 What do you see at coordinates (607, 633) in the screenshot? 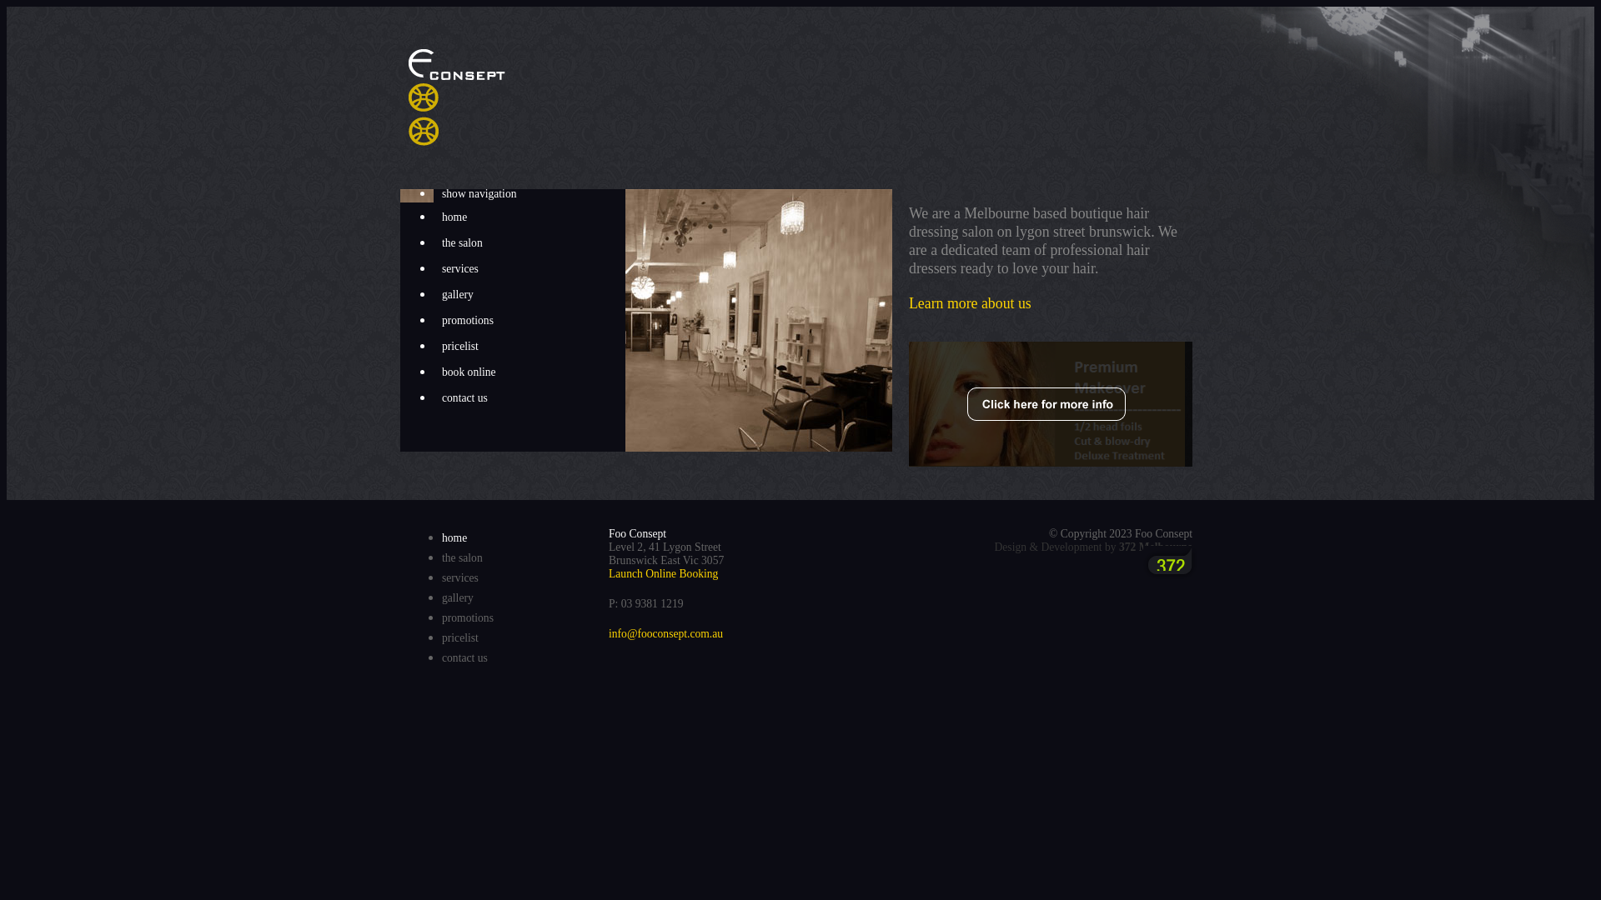
I see `'info@fooconsept.com.au'` at bounding box center [607, 633].